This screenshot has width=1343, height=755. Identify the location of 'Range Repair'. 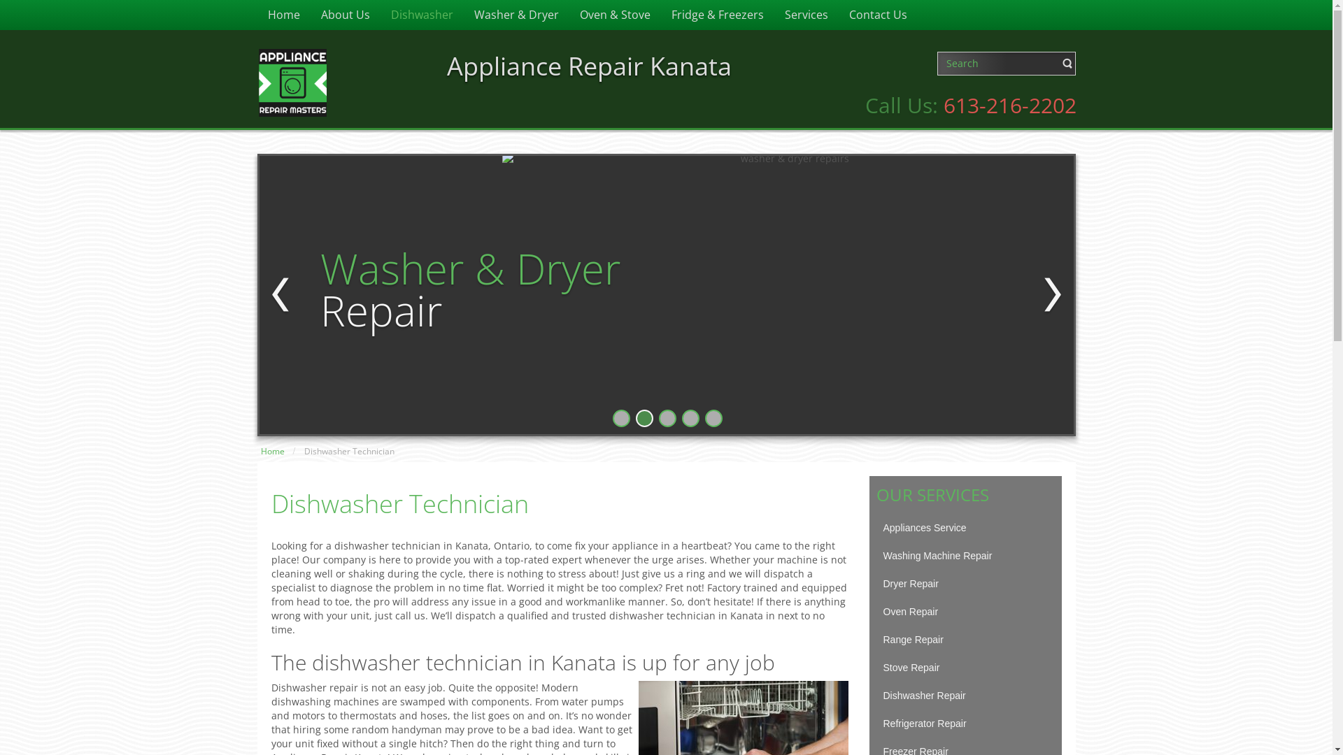
(964, 639).